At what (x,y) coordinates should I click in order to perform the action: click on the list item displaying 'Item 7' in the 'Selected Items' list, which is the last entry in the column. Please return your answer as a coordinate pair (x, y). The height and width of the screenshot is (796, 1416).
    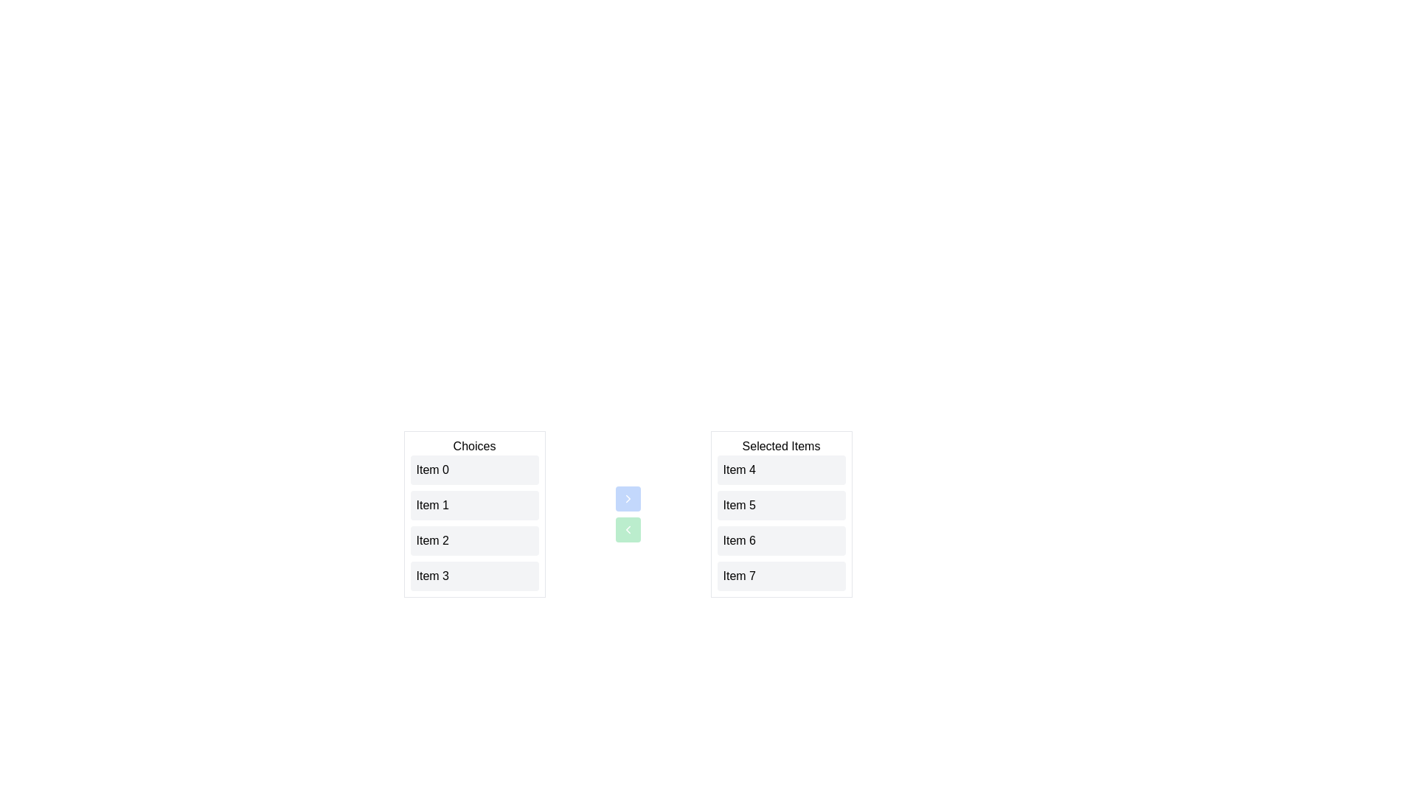
    Looking at the image, I should click on (780, 576).